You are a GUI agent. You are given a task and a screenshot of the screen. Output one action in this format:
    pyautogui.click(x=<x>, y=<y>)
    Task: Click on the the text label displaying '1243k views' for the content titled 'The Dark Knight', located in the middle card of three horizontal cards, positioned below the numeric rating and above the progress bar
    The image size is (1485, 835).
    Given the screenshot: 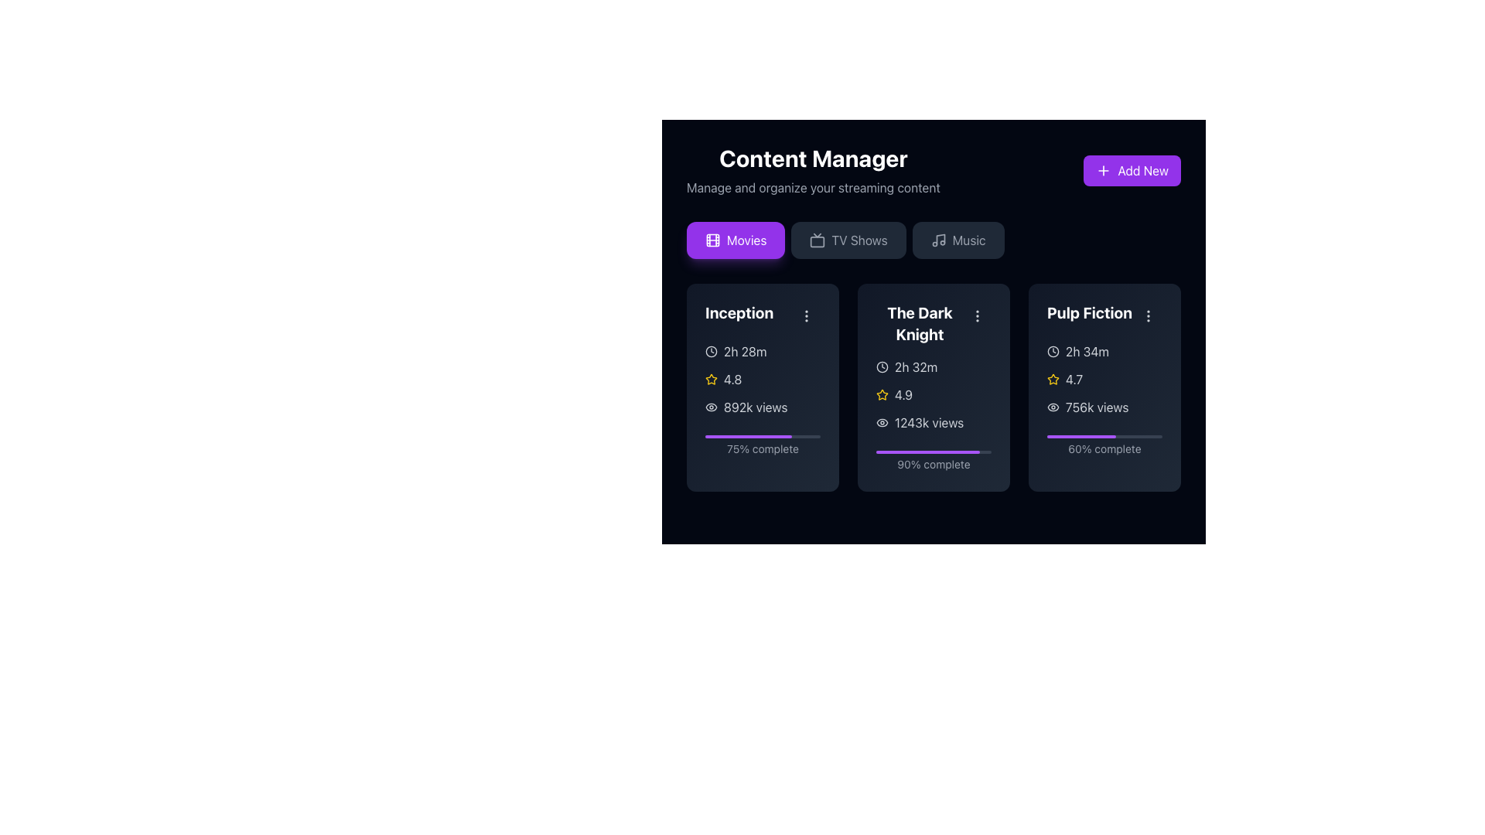 What is the action you would take?
    pyautogui.click(x=928, y=423)
    